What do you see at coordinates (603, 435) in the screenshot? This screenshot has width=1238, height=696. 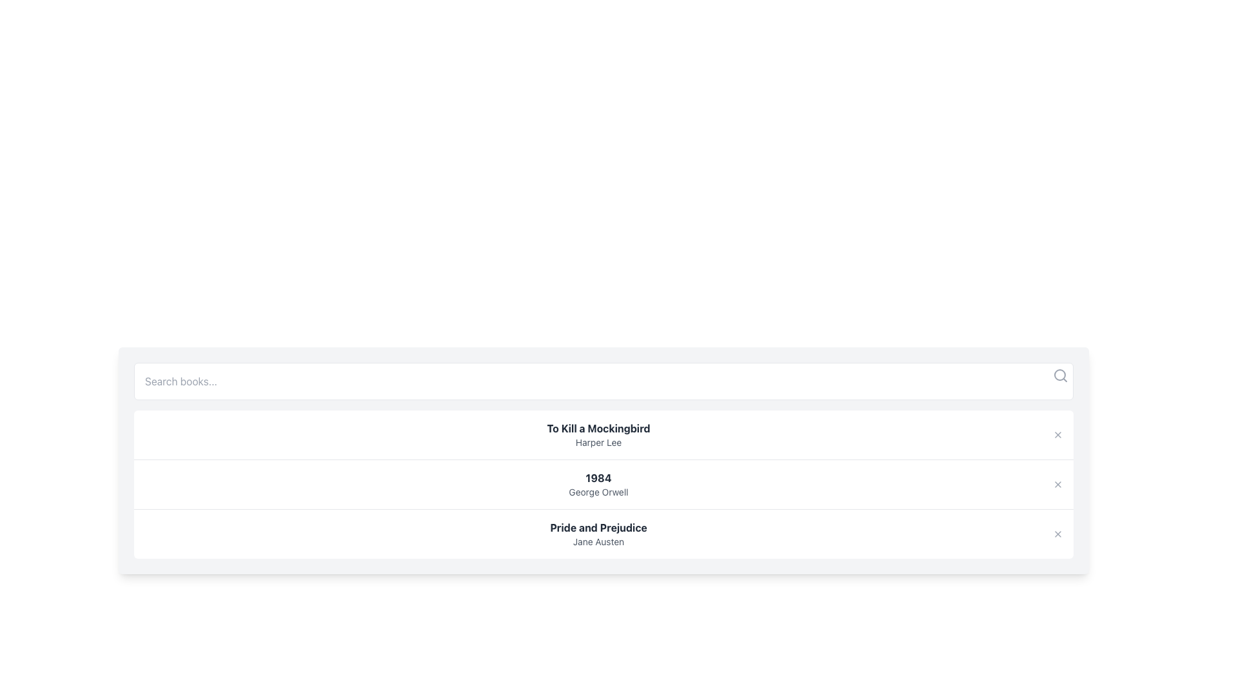 I see `the first list item displaying 'To Kill a Mockingbird' by 'Harper Lee'` at bounding box center [603, 435].